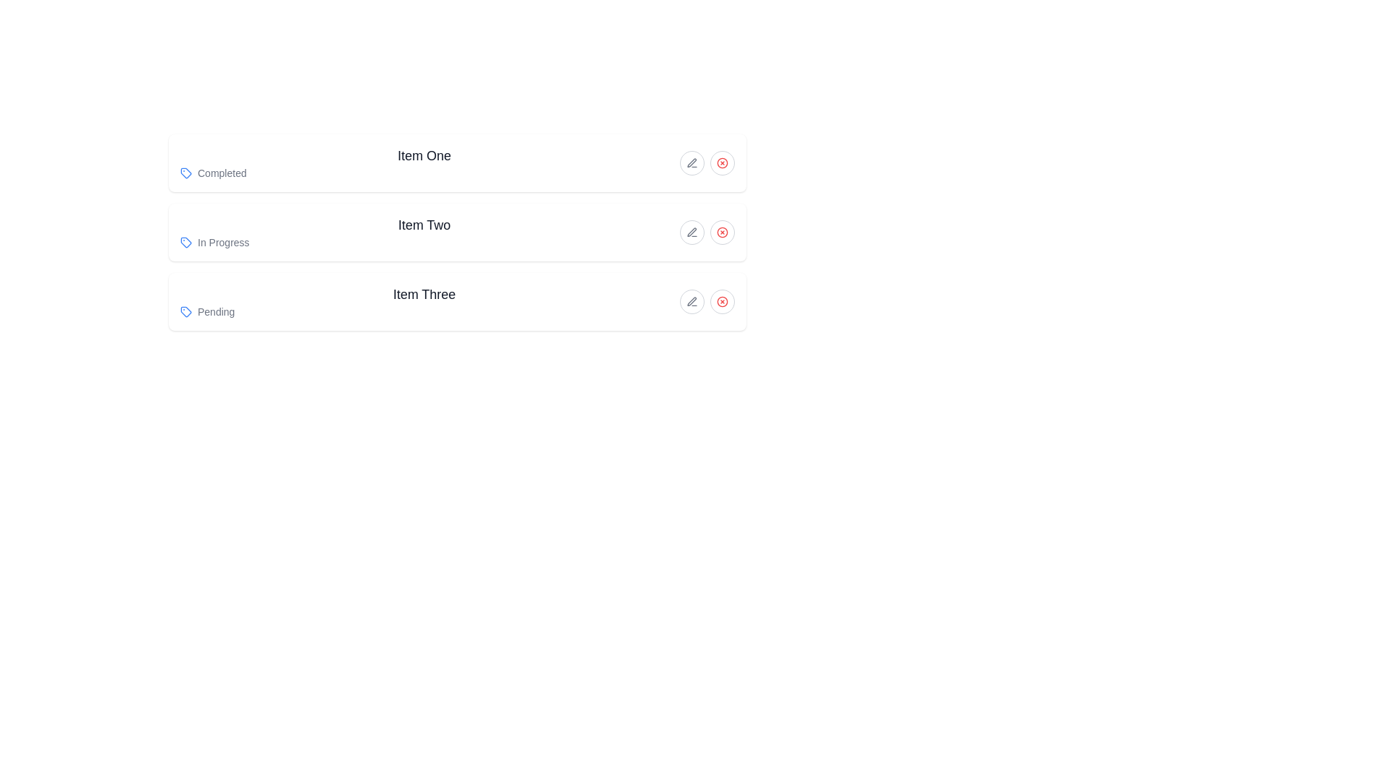 The height and width of the screenshot is (780, 1386). What do you see at coordinates (723, 231) in the screenshot?
I see `the circular button with a red 'X' icon located in the second row of the 'Item Two' list` at bounding box center [723, 231].